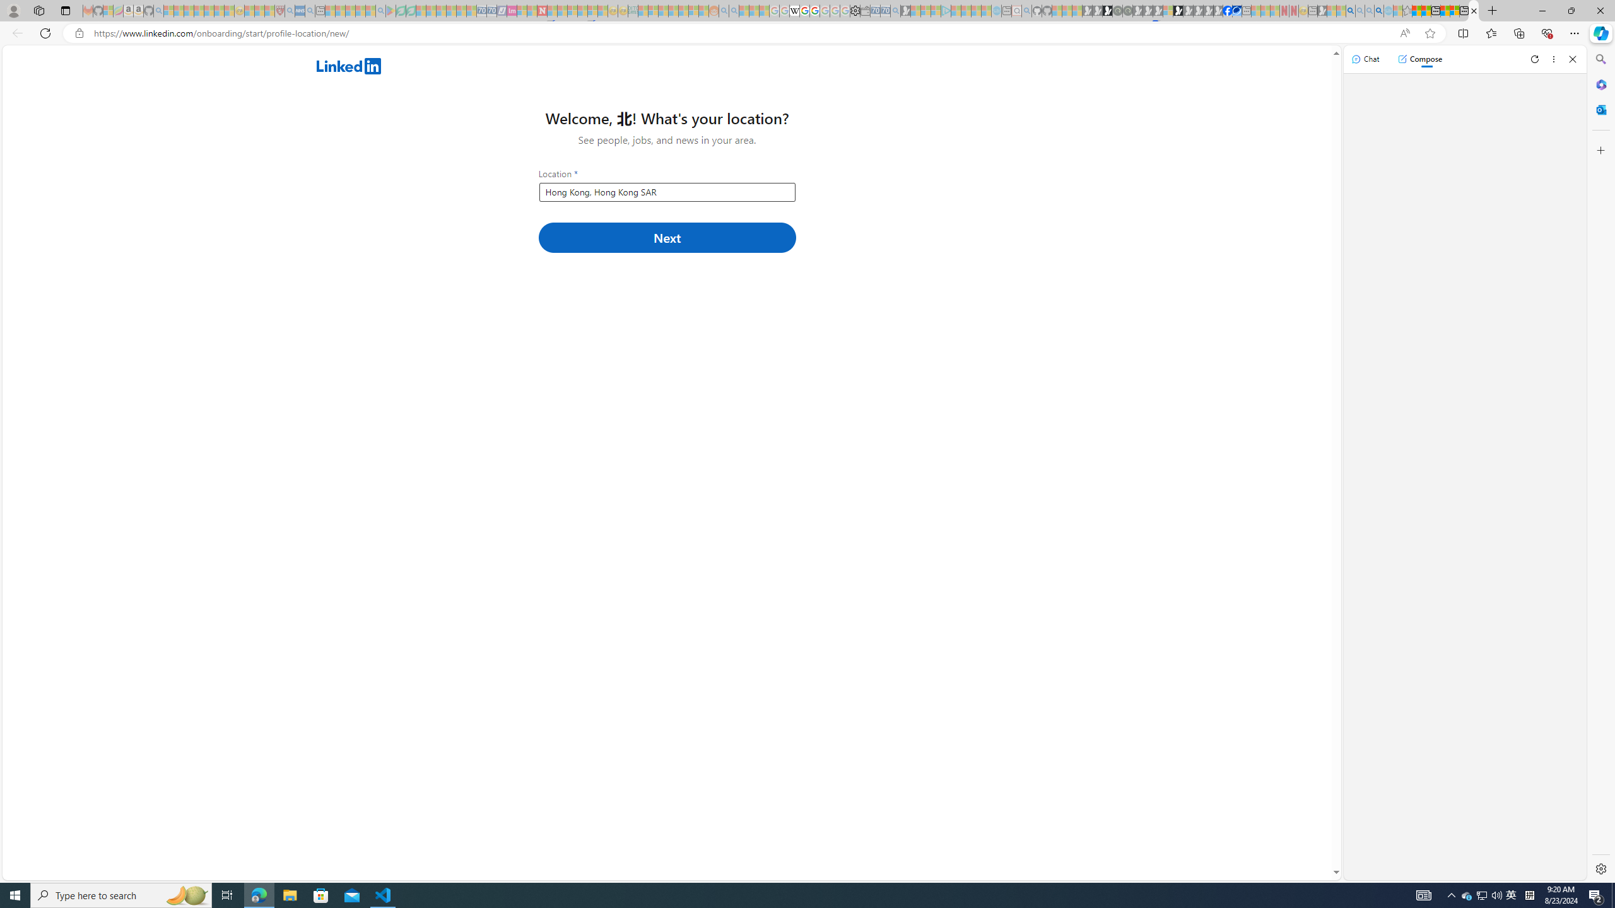  Describe the element at coordinates (309, 10) in the screenshot. I see `'utah sues federal government - Search - Sleeping'` at that location.